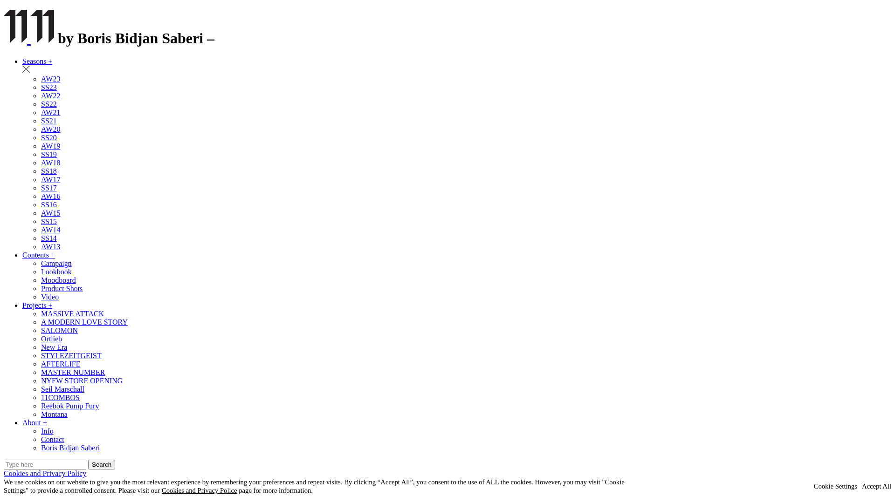 Image resolution: width=895 pixels, height=503 pixels. Describe the element at coordinates (60, 397) in the screenshot. I see `'11COMBOS'` at that location.